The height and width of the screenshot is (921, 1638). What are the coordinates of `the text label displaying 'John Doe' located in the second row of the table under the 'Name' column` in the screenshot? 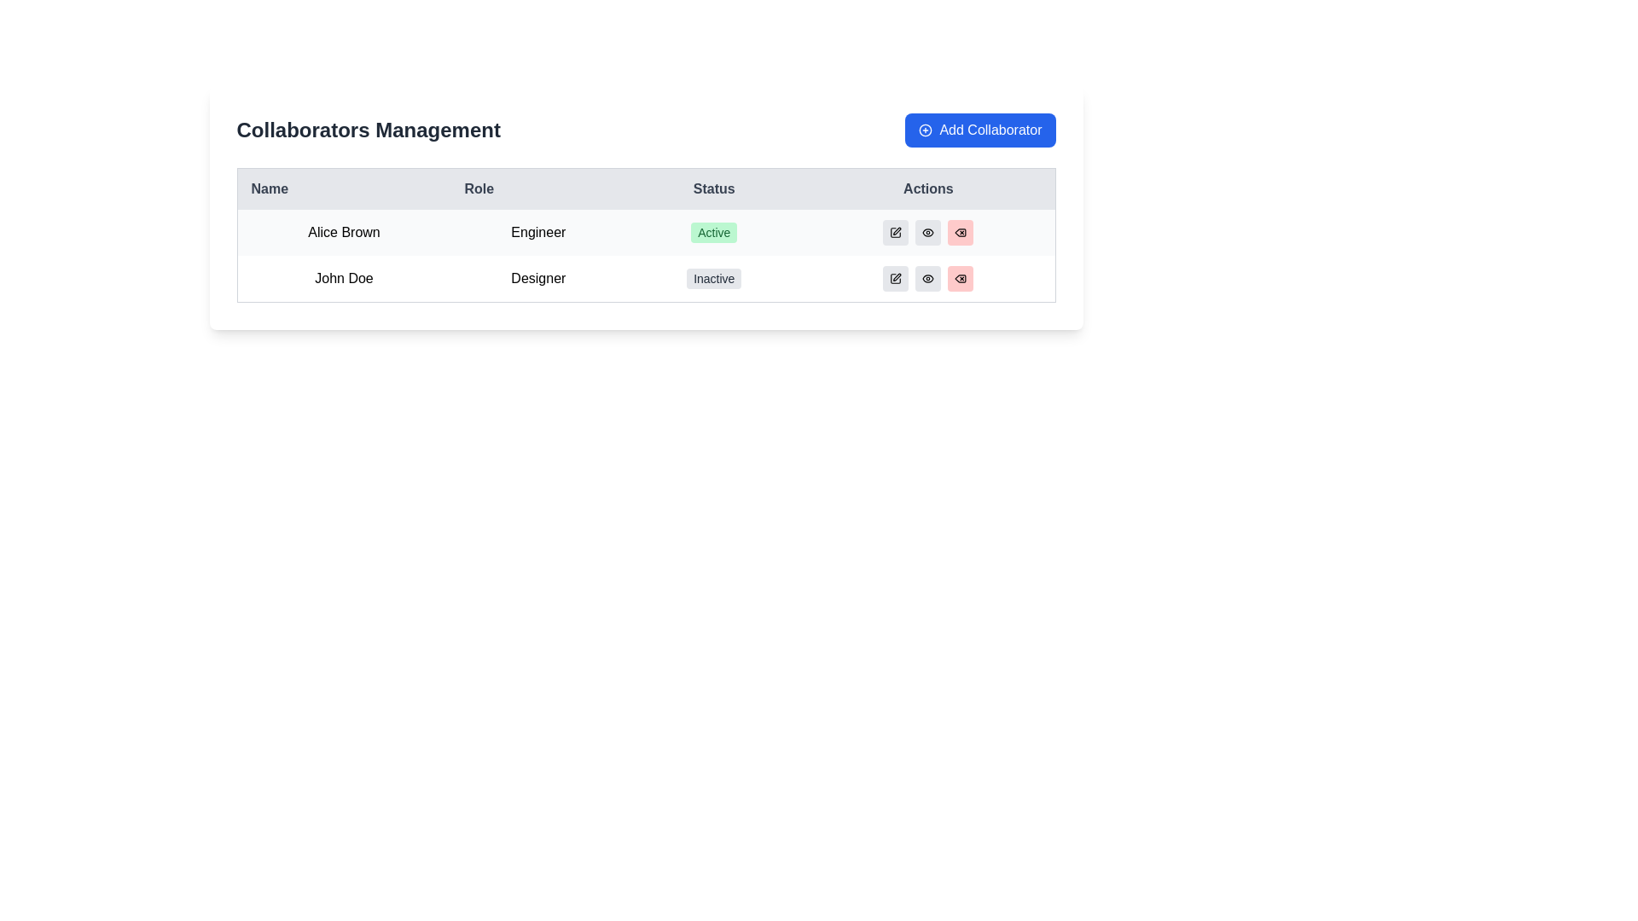 It's located at (343, 278).